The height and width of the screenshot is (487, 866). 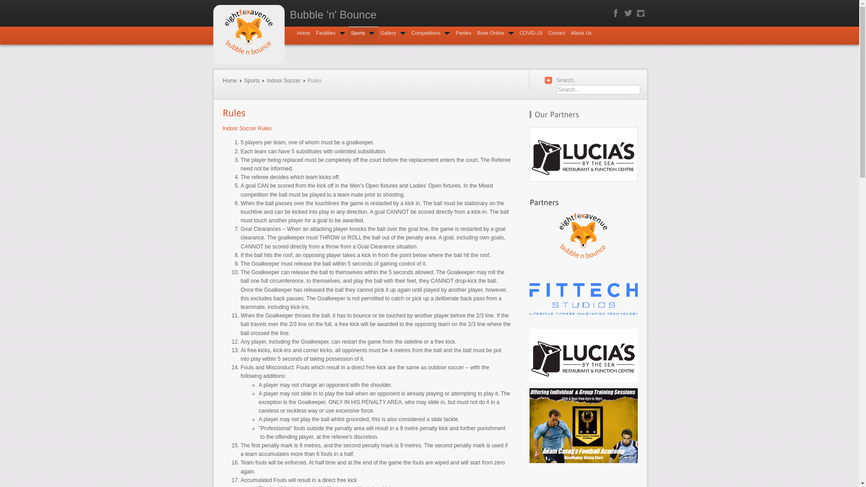 What do you see at coordinates (463, 36) in the screenshot?
I see `'Parties'` at bounding box center [463, 36].